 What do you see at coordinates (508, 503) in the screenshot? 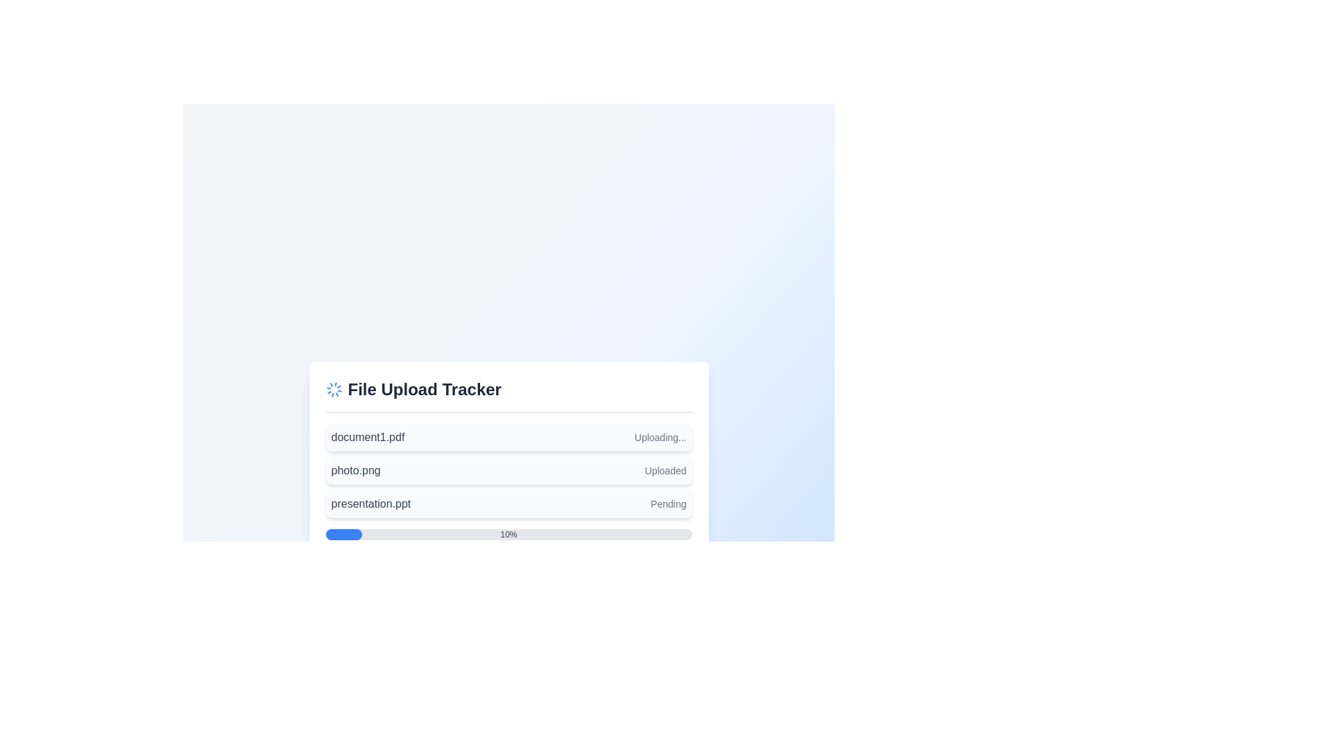
I see `the third list item displaying the filename 'presentation.ppt' with the upload status 'Pending'` at bounding box center [508, 503].